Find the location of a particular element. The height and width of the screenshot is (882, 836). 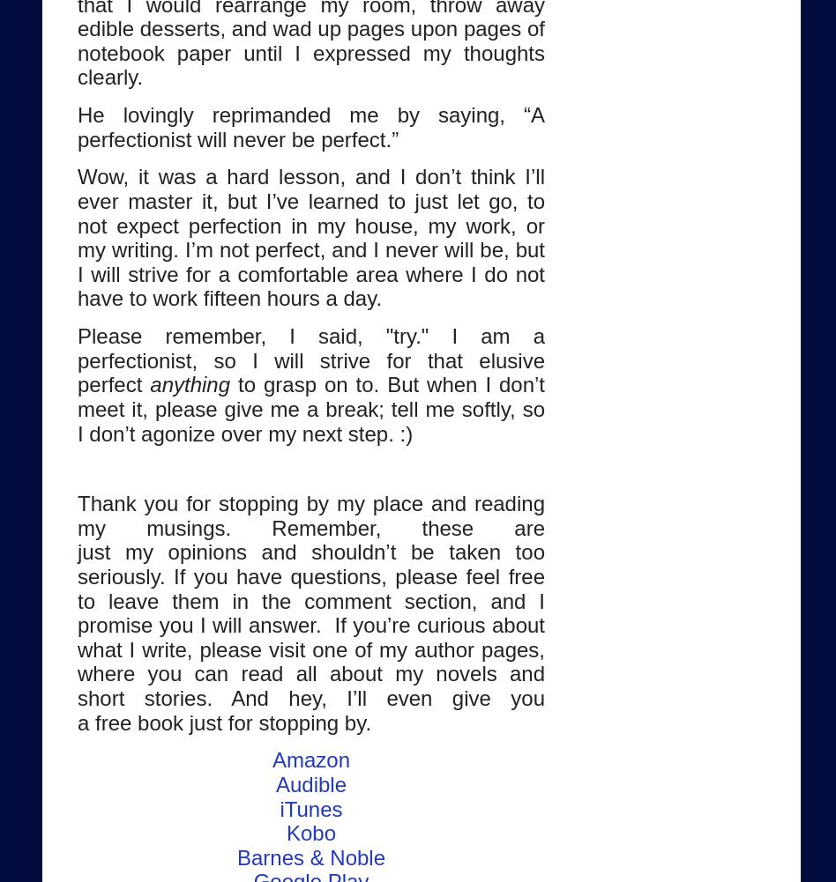

'and I don’t think I’ll ever
master it, but I’ve learned to just let go, to not expect perfection in my
house, my work, or my writing. I’m not perfect, and I never will be, but I will
strive for a comfortable area where I do not have to work fifteen hours a day.' is located at coordinates (311, 236).